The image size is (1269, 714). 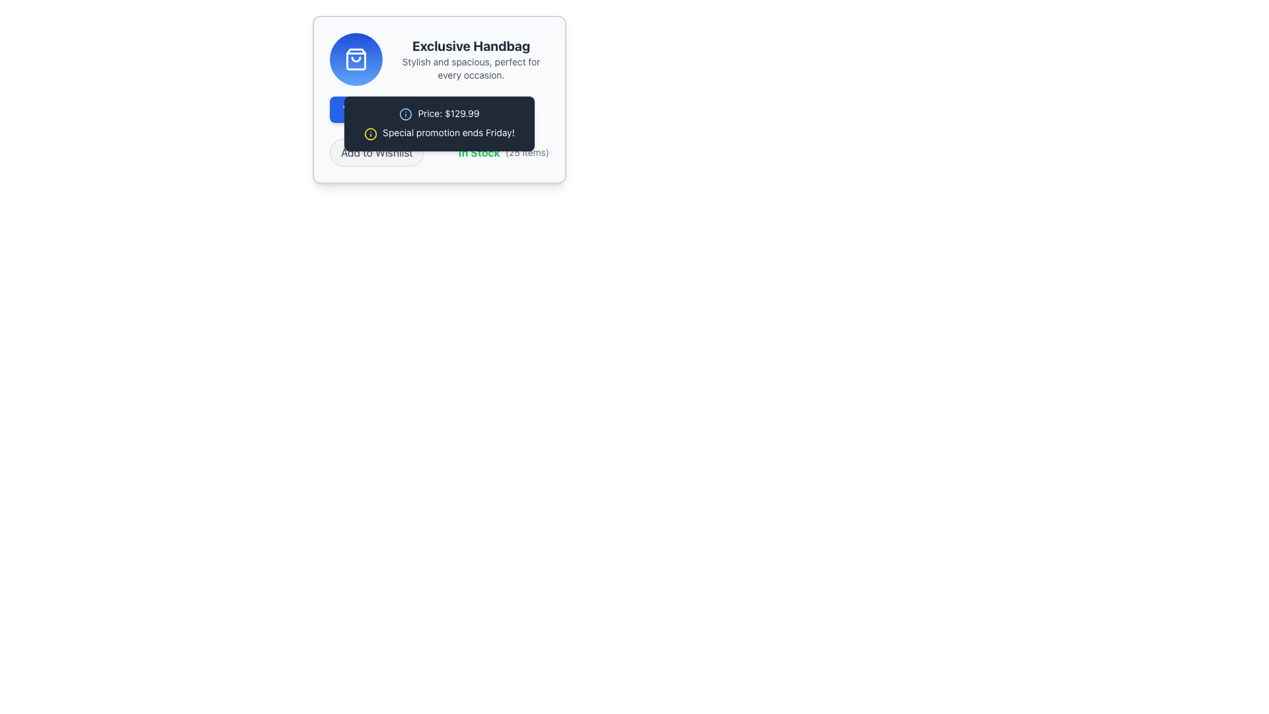 What do you see at coordinates (356, 58) in the screenshot?
I see `the shopping-related icon located to the left of the text titled 'Exclusive Handbag' for contextual understanding` at bounding box center [356, 58].